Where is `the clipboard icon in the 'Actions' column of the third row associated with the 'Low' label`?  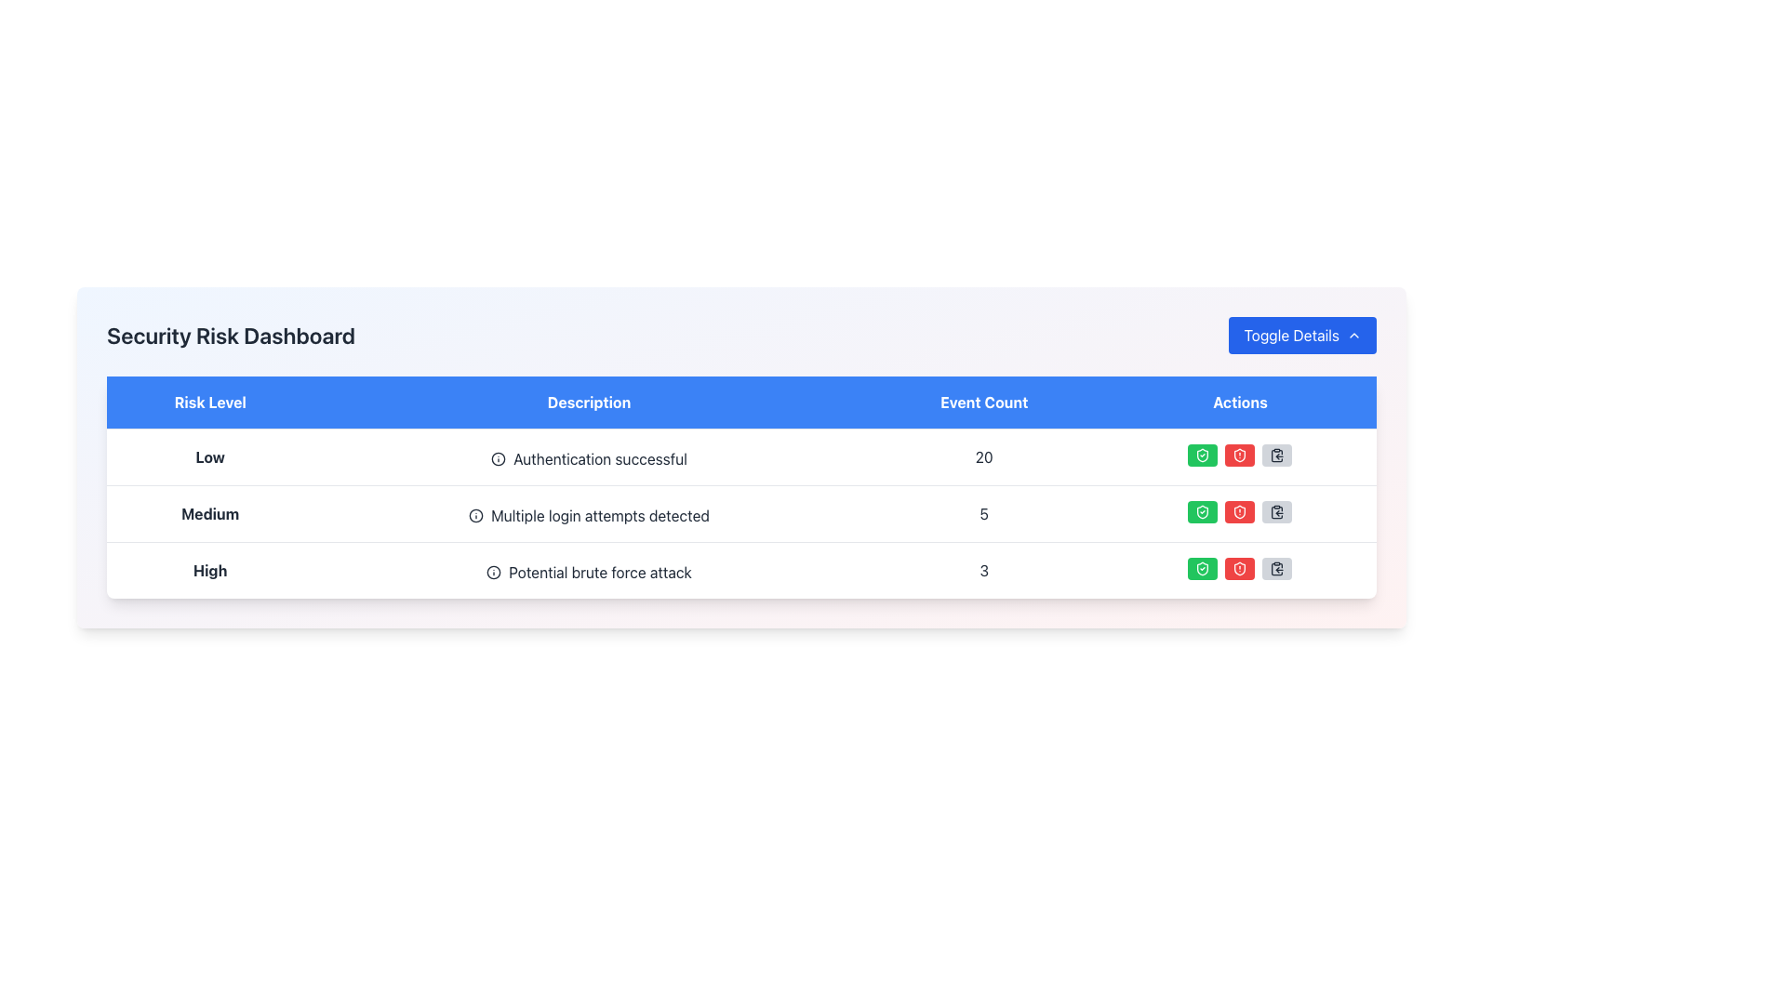 the clipboard icon in the 'Actions' column of the third row associated with the 'Low' label is located at coordinates (1276, 455).